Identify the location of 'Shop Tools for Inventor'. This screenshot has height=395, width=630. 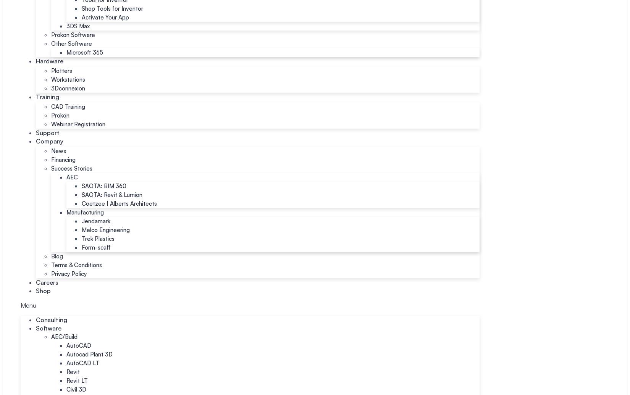
(112, 8).